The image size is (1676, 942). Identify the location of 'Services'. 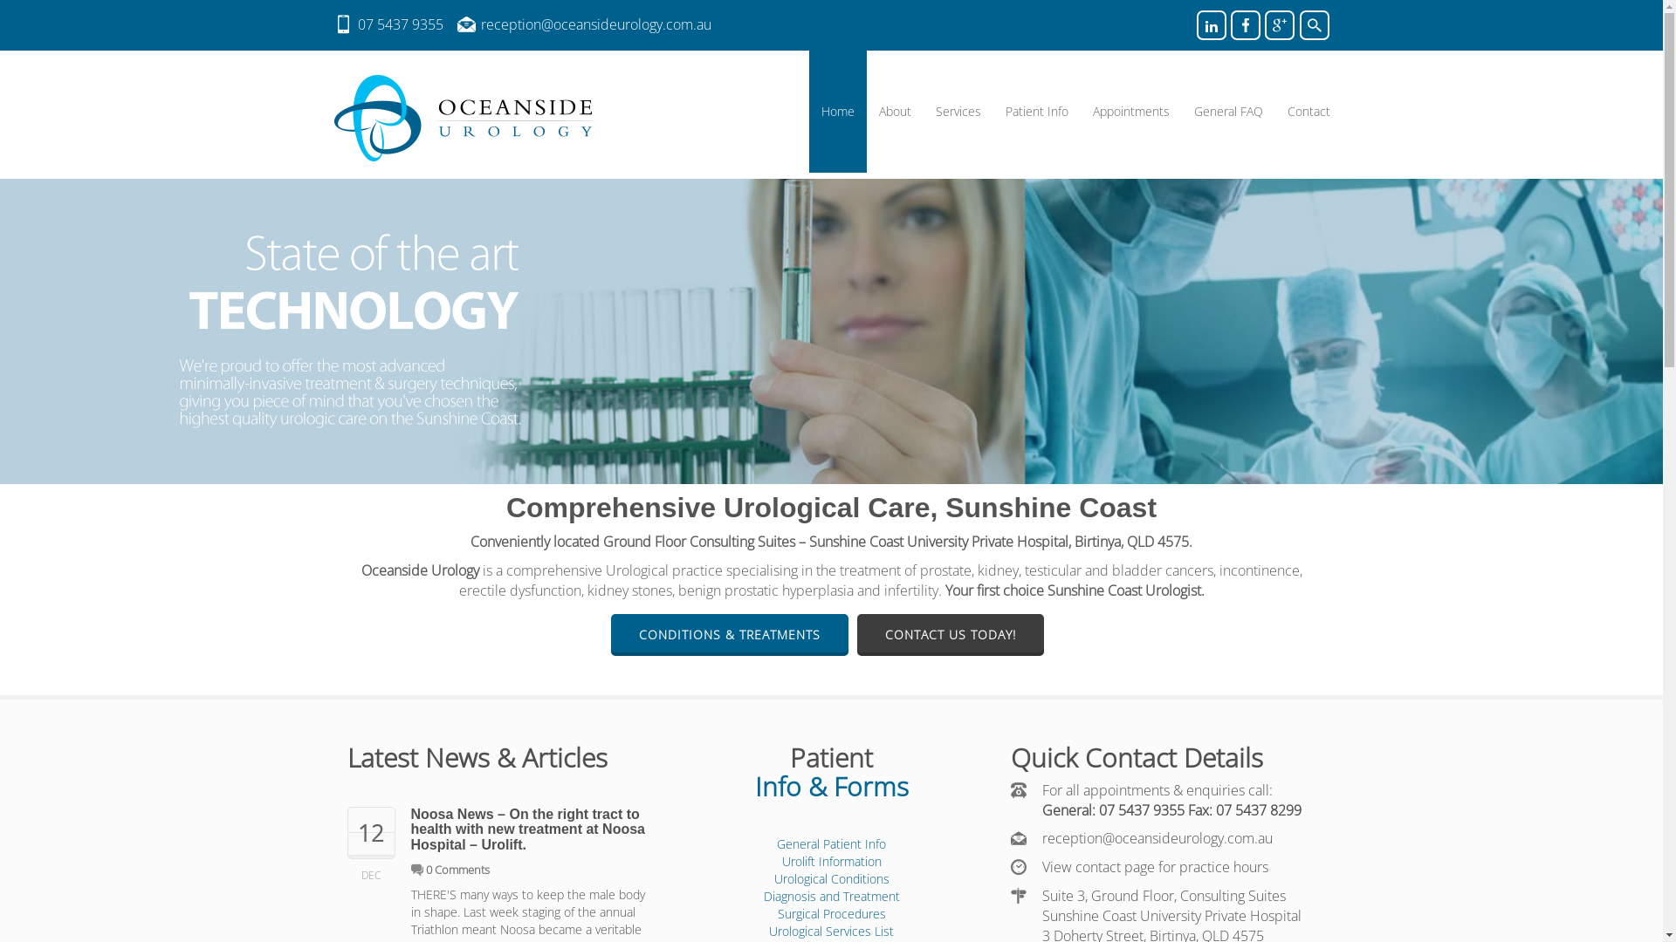
(958, 111).